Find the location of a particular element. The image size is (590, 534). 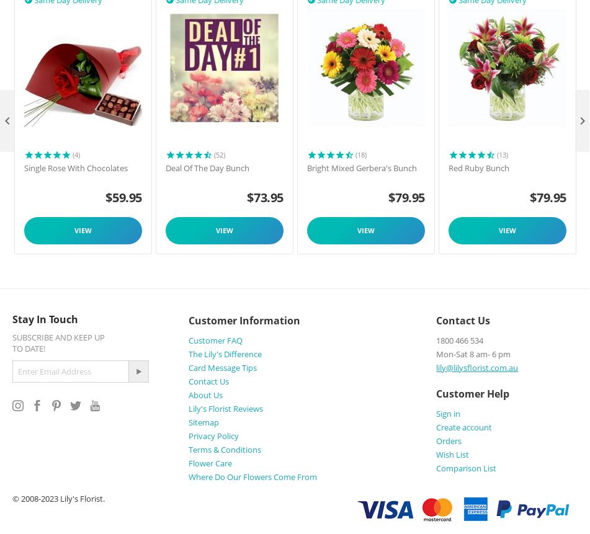

'Subscribe and keep up to date!' is located at coordinates (58, 342).